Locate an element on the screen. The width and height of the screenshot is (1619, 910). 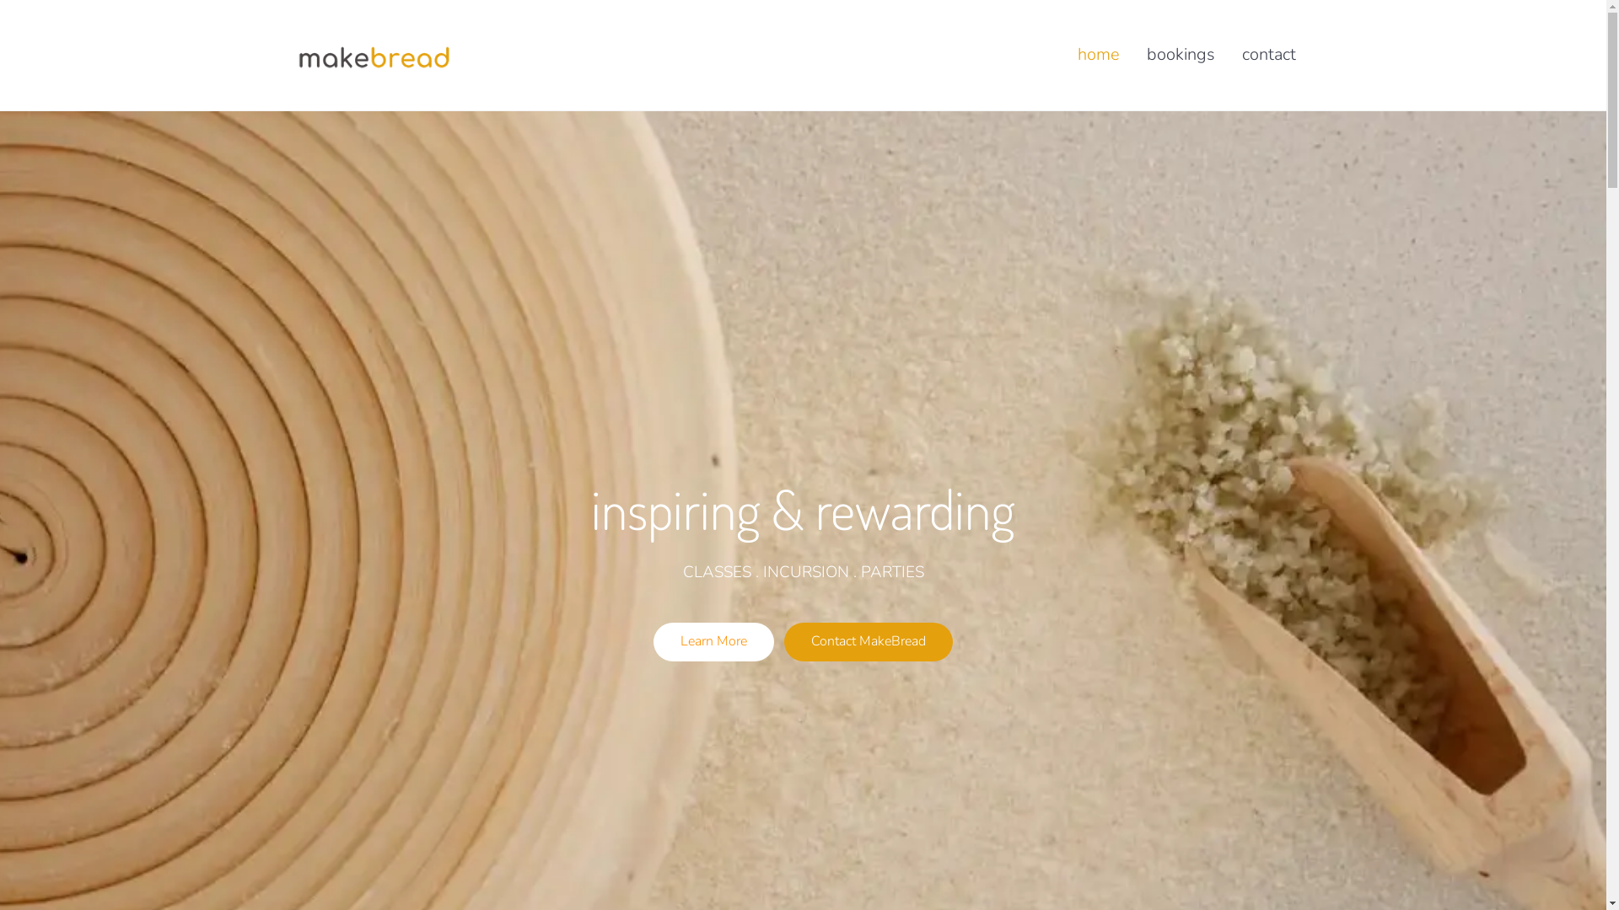
'Learn More' is located at coordinates (713, 642).